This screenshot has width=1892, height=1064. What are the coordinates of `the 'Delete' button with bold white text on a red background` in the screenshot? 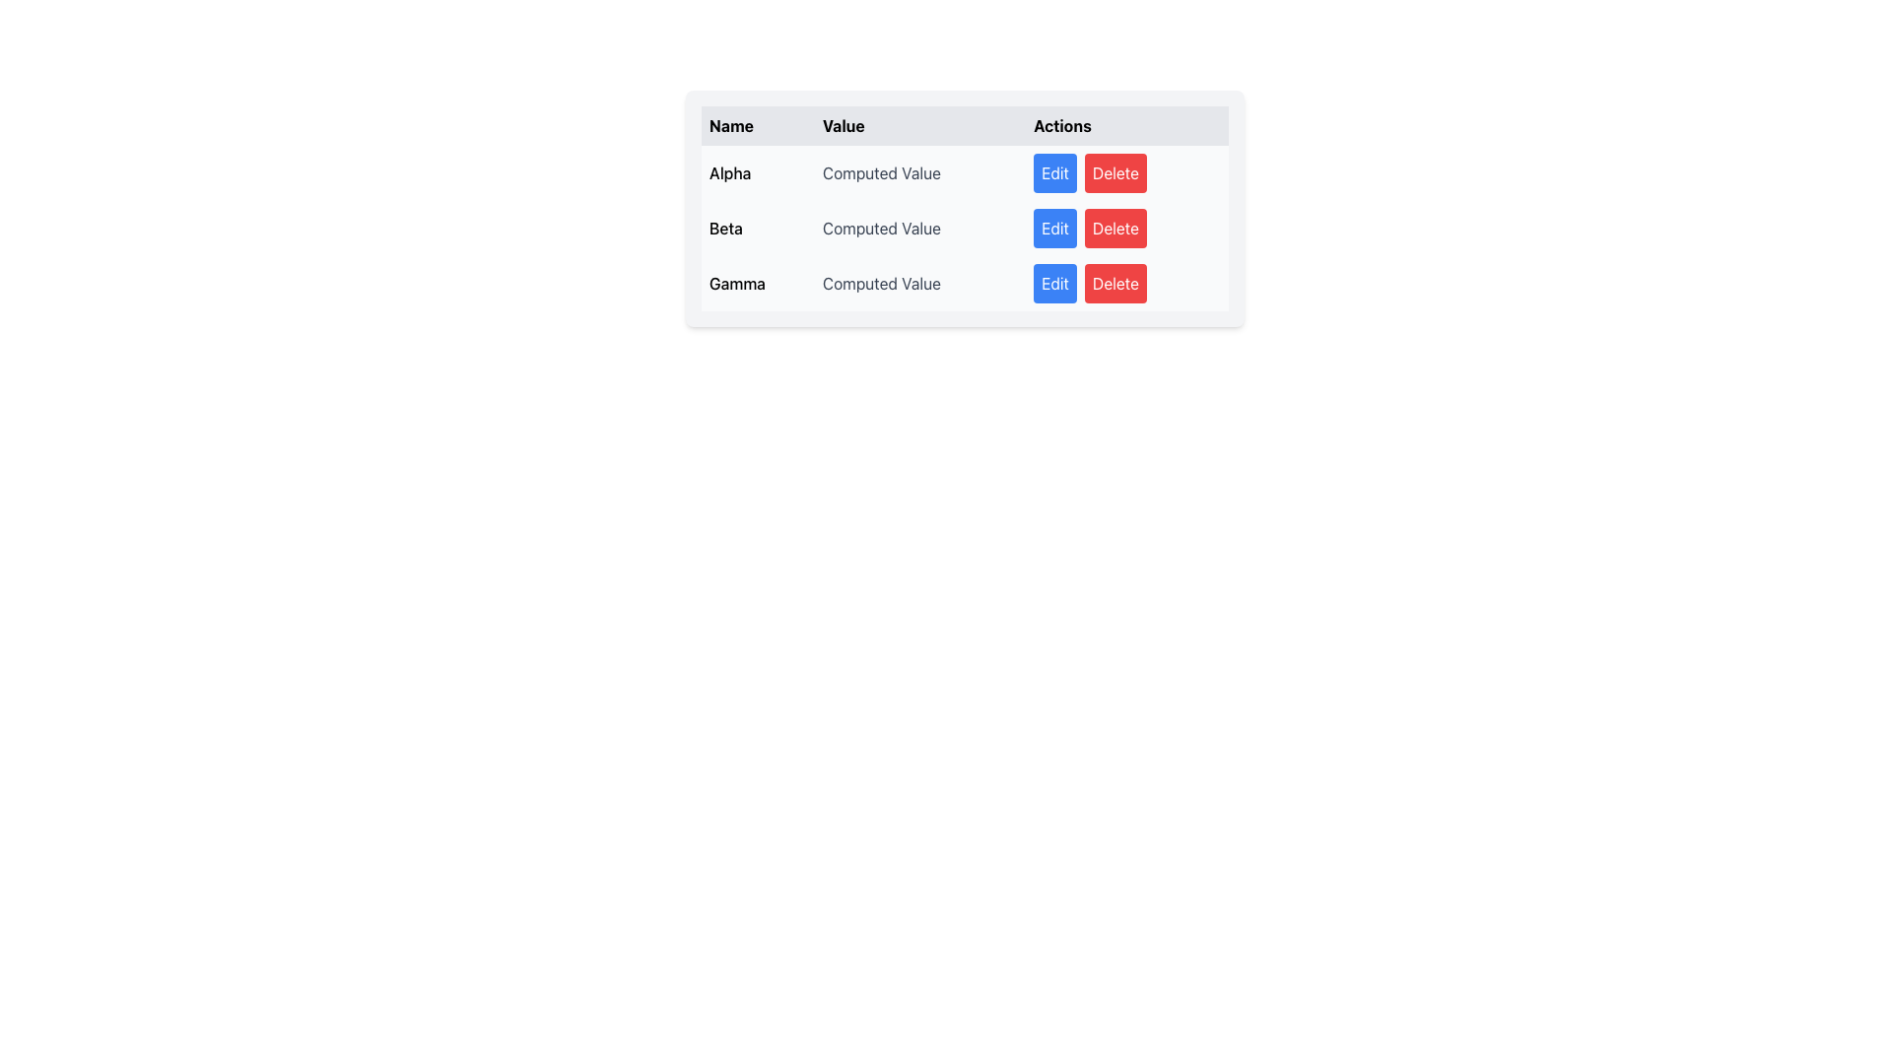 It's located at (1115, 227).